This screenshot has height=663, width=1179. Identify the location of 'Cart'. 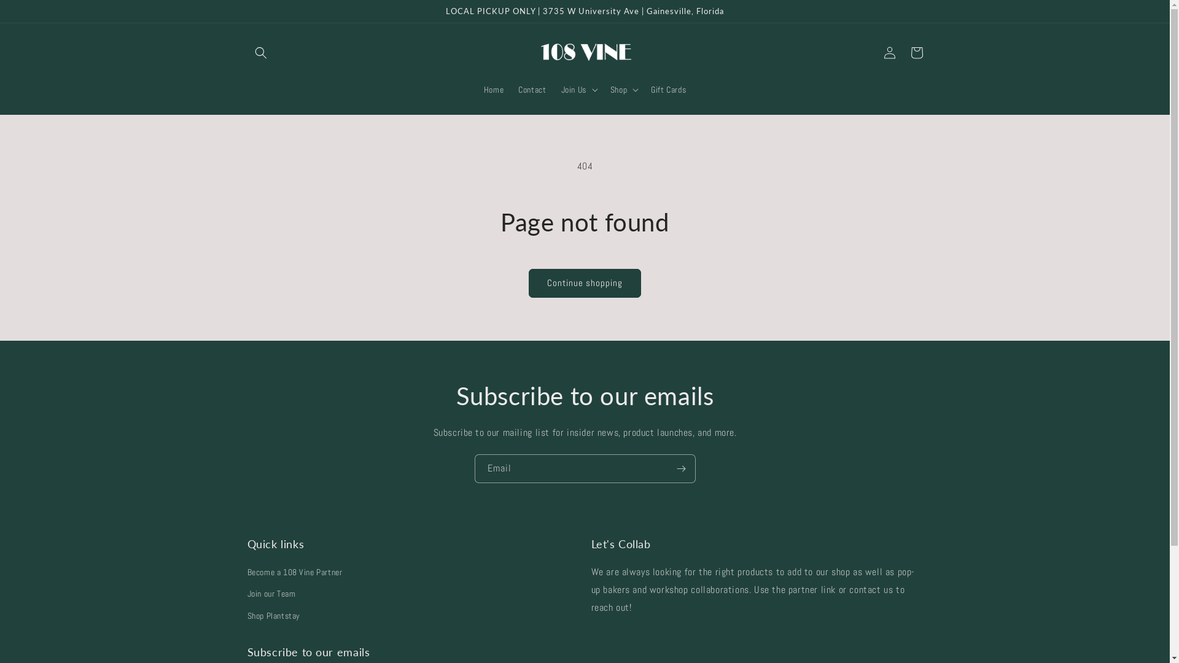
(916, 52).